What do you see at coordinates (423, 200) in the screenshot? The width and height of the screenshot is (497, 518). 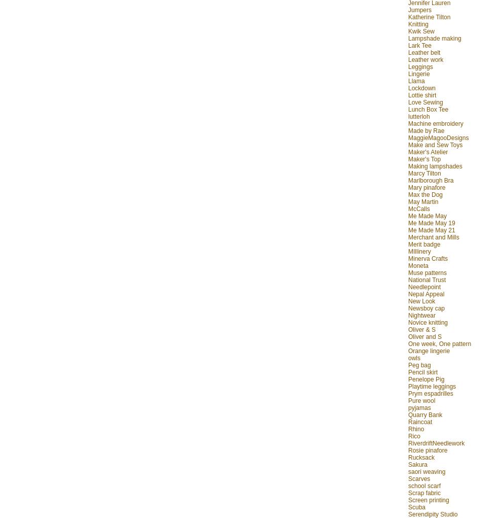 I see `'May Martin'` at bounding box center [423, 200].